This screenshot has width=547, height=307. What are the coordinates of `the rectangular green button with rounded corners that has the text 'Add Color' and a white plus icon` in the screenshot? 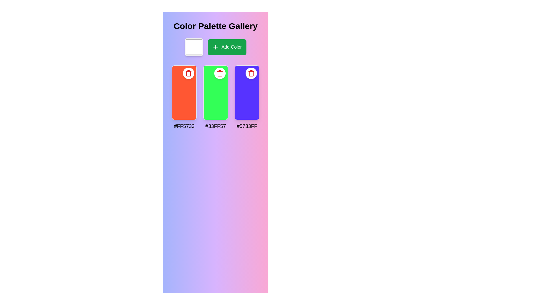 It's located at (226, 47).